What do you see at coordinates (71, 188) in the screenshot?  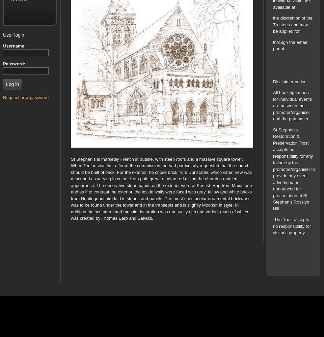 I see `'St Stephen’s is markedly French in outline, with steep roofs and a massive square tower. When Teulon was first offered the commission, he had particularly requested that the church should be built of brick. For the exterior, he chose brick from Dunstable, which when new was described as varying in colour from pale grey to Indian red giving the church a mottled appearance. The decorative stone bands on the exterior were of Kentish Rag from Maidstone and as if to contrast the exterior, the inside walls were faced with grey, tallow and white bricks from Huntingdonshire laid in stripes and panels. The most spectacular ornamental brickwork was to be found under the tower and in the transepts and is slightly Moorish in style. In addition the sculptural and mosaic decoration was unusually rich and varied, much of which was created by Thomas Earp and Salviati.'` at bounding box center [71, 188].